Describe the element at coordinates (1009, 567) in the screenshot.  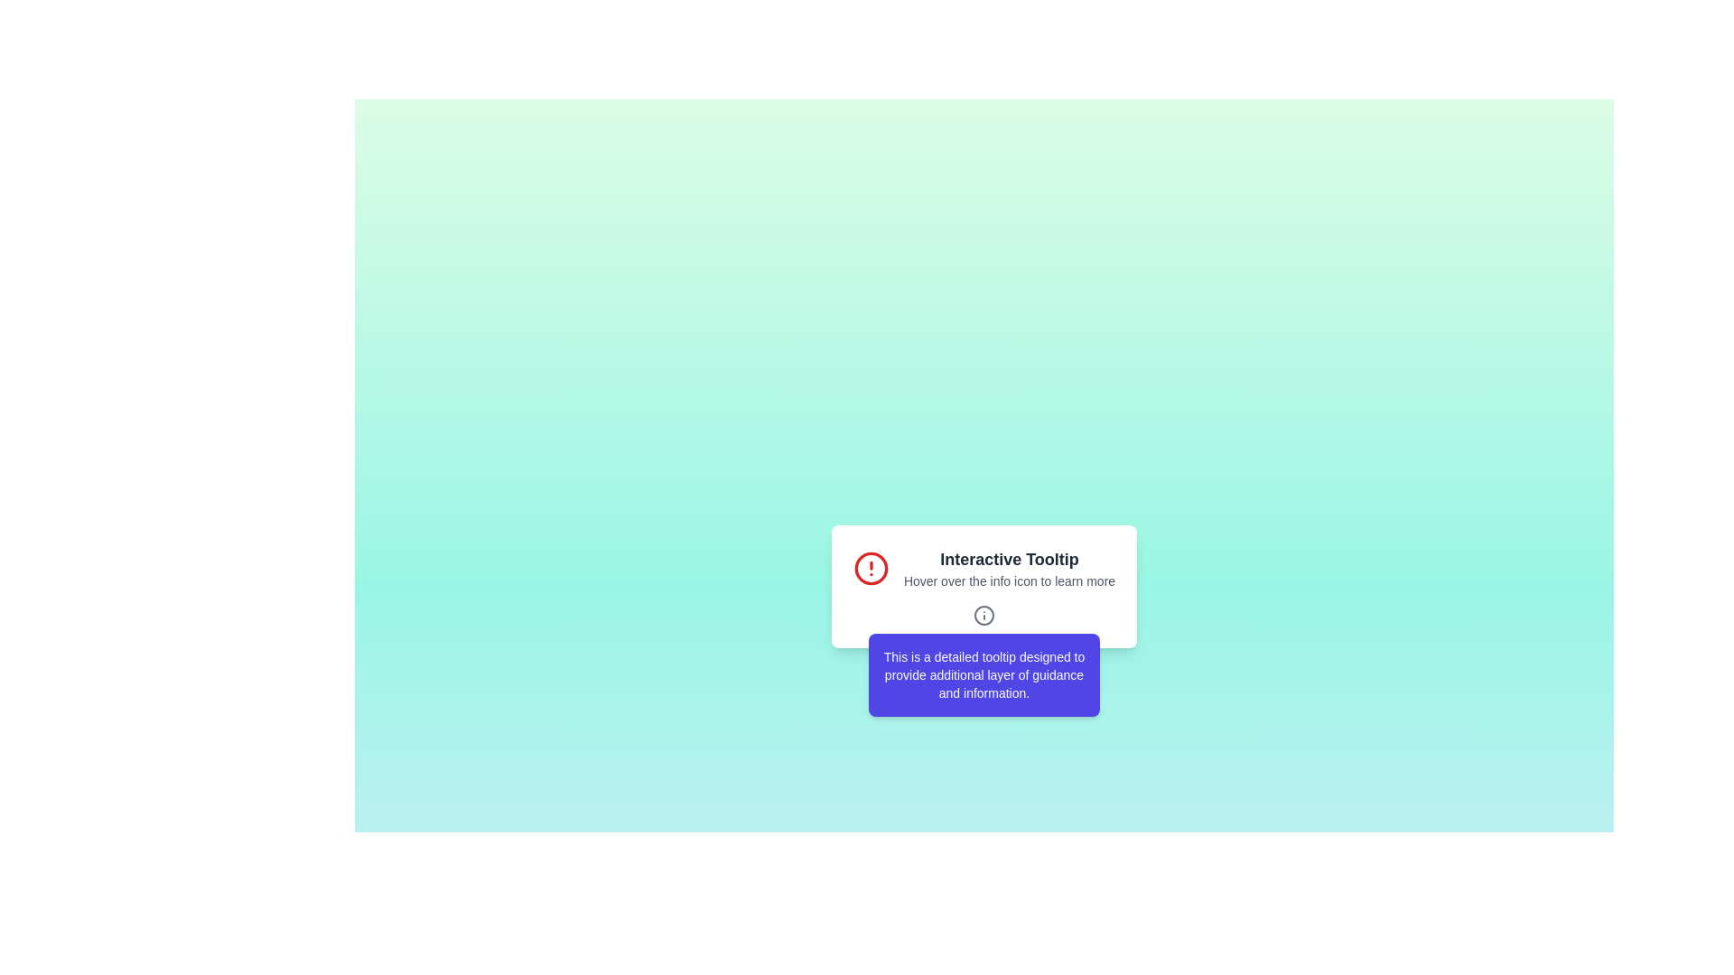
I see `the Text block that reads 'Interactive Tooltip.' It contains two lines of text, with the first line in bold stating 'Interactive Tooltip' and the second line in smaller text saying 'Hover over the info icon to learn more.'` at that location.